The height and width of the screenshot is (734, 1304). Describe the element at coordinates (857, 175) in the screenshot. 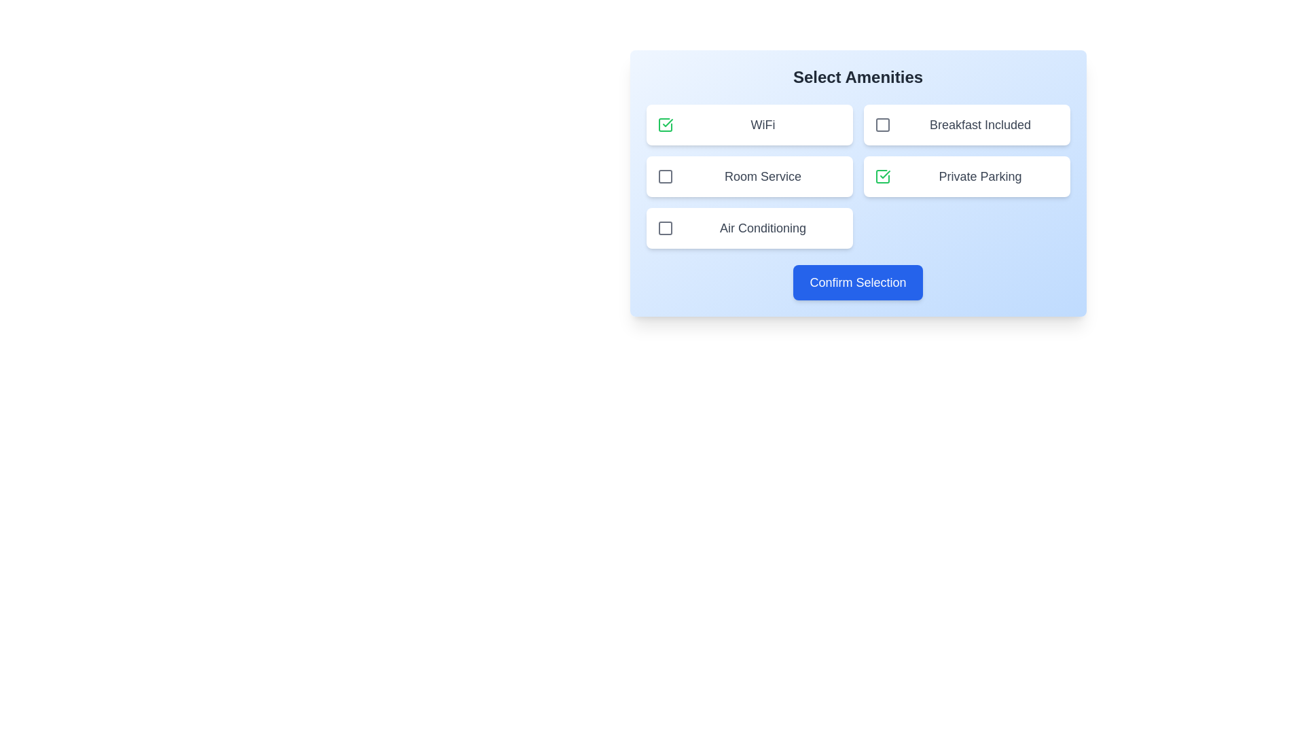

I see `the checkbox of an amenity in the grid layout` at that location.